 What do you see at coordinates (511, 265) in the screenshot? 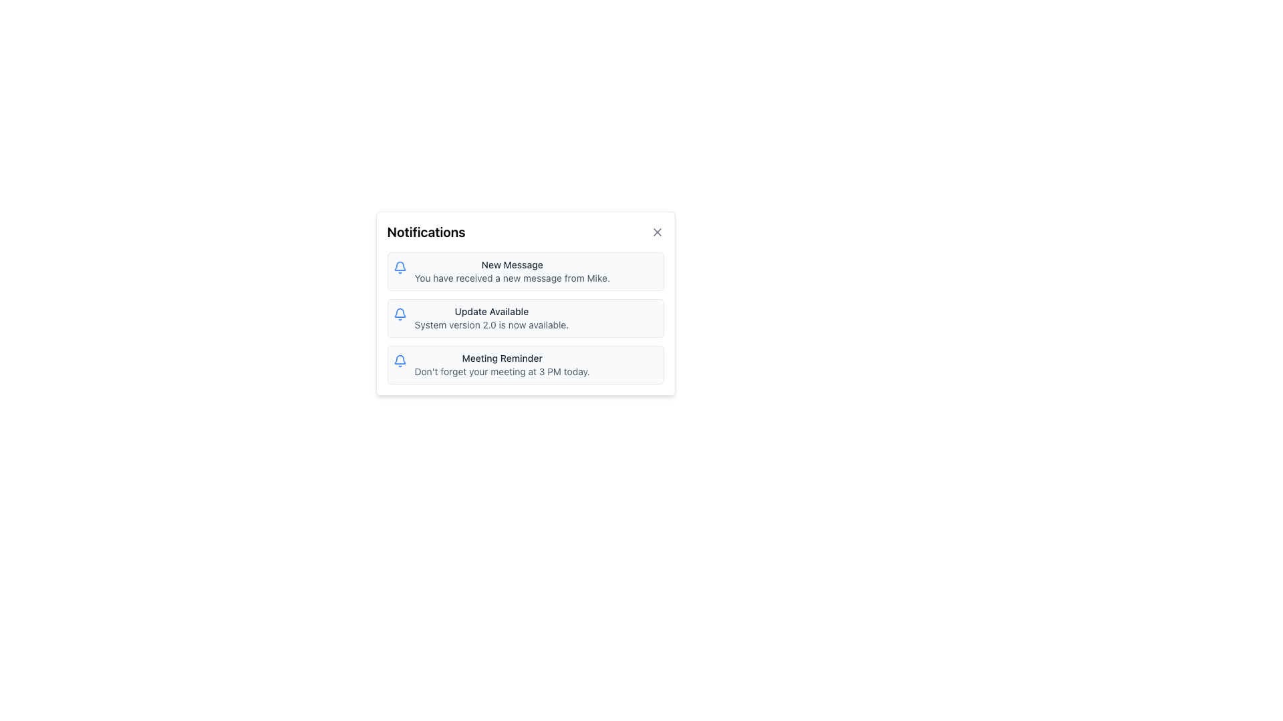
I see `'New Message' text label located at the top of the first notification under the 'Notifications' header` at bounding box center [511, 265].